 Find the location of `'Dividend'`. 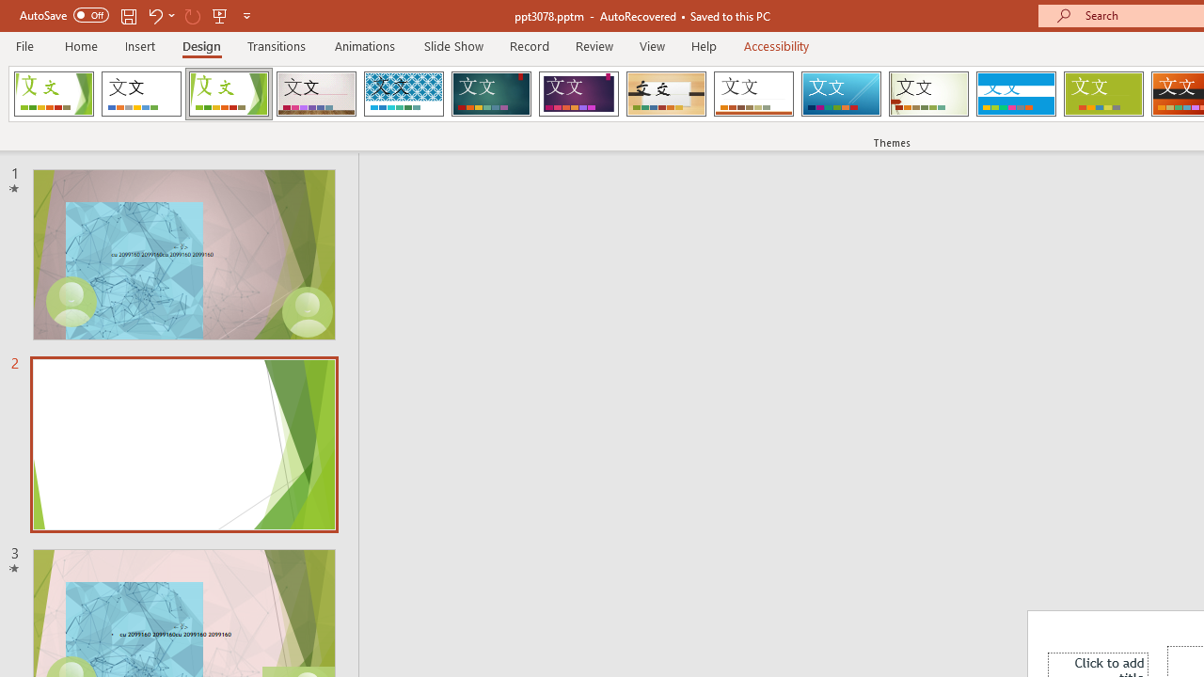

'Dividend' is located at coordinates (54, 94).